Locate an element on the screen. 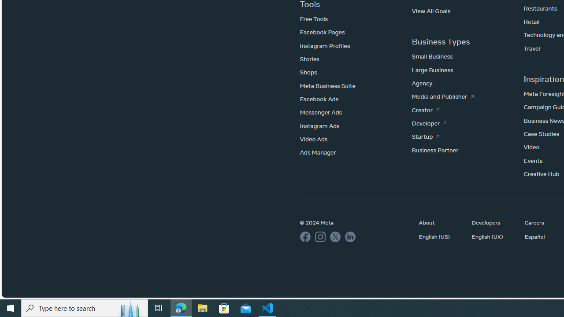 The width and height of the screenshot is (564, 317). 'English (UK)' is located at coordinates (493, 236).